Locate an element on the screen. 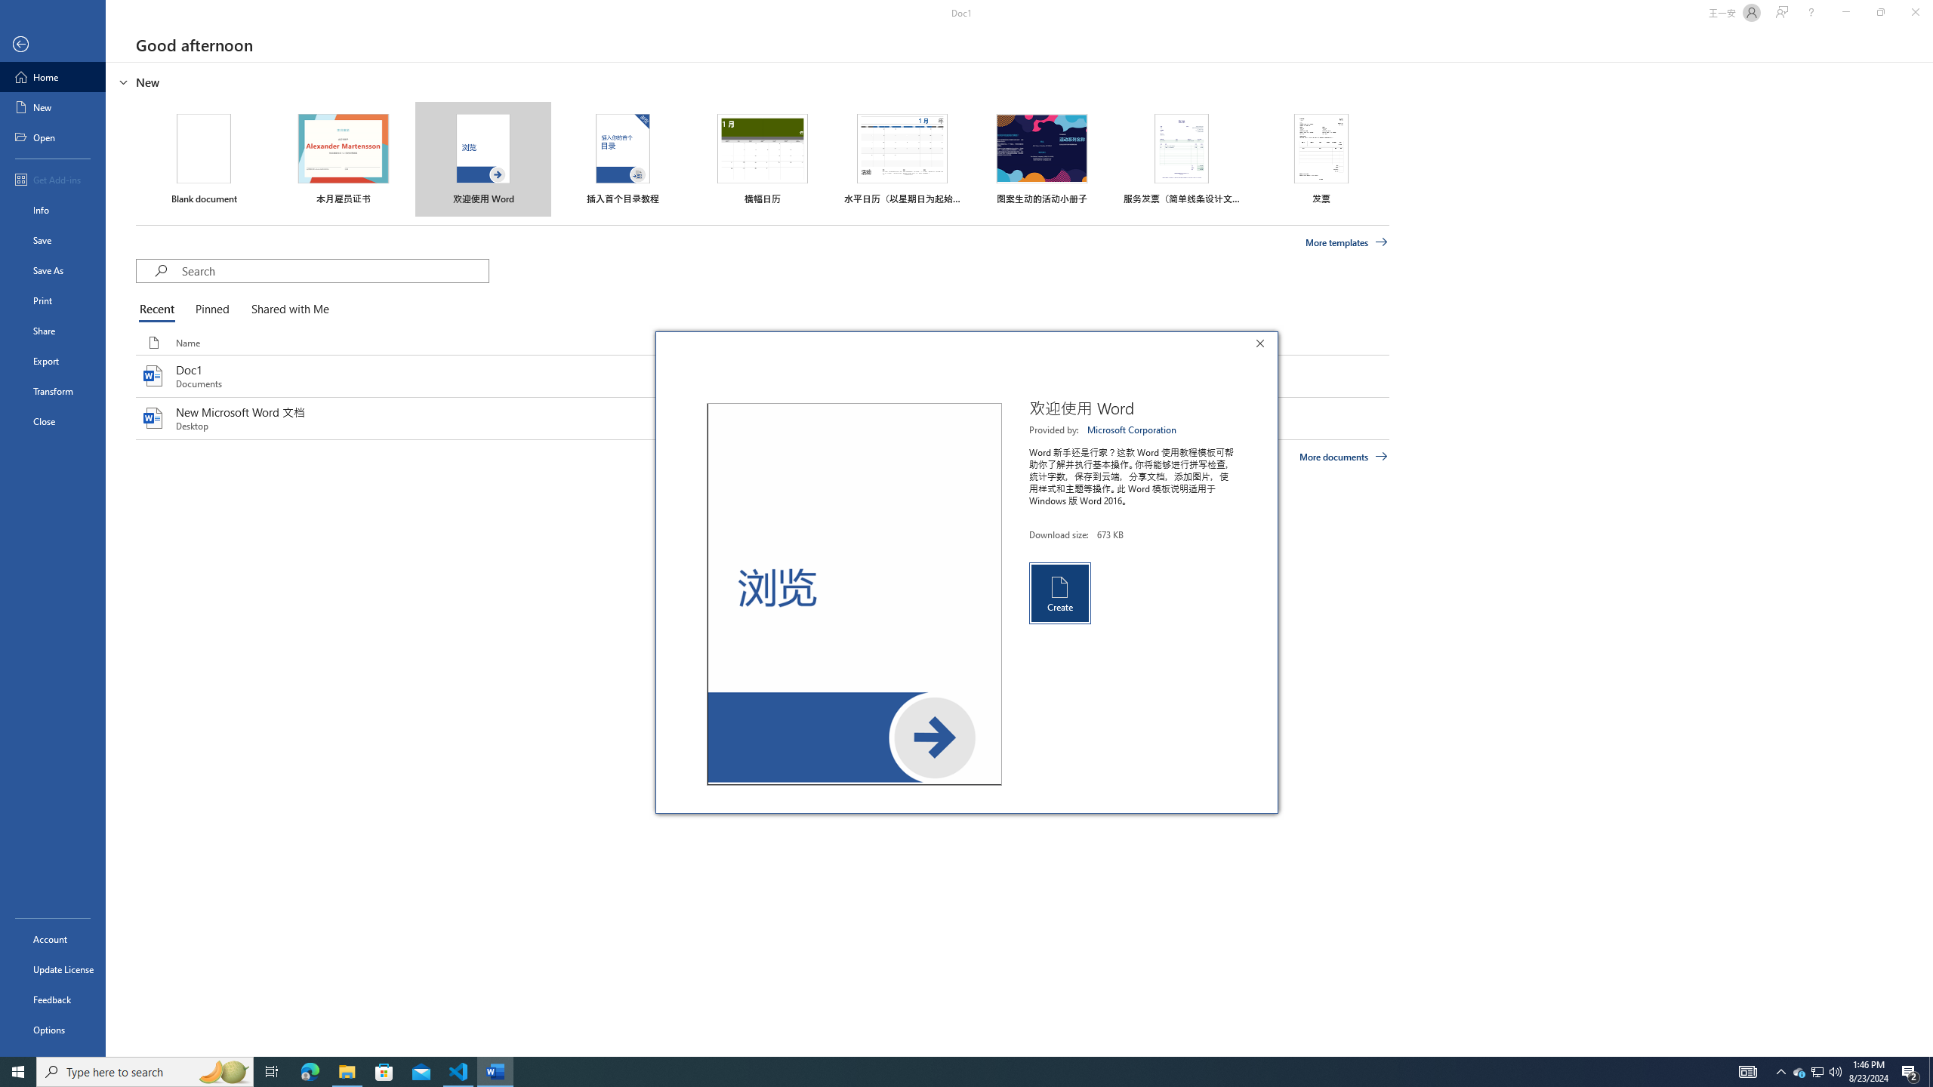  'Blank document' is located at coordinates (203, 159).